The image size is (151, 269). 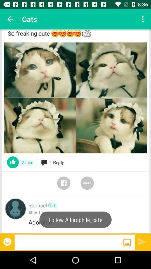 I want to click on like the image, so click(x=13, y=162).